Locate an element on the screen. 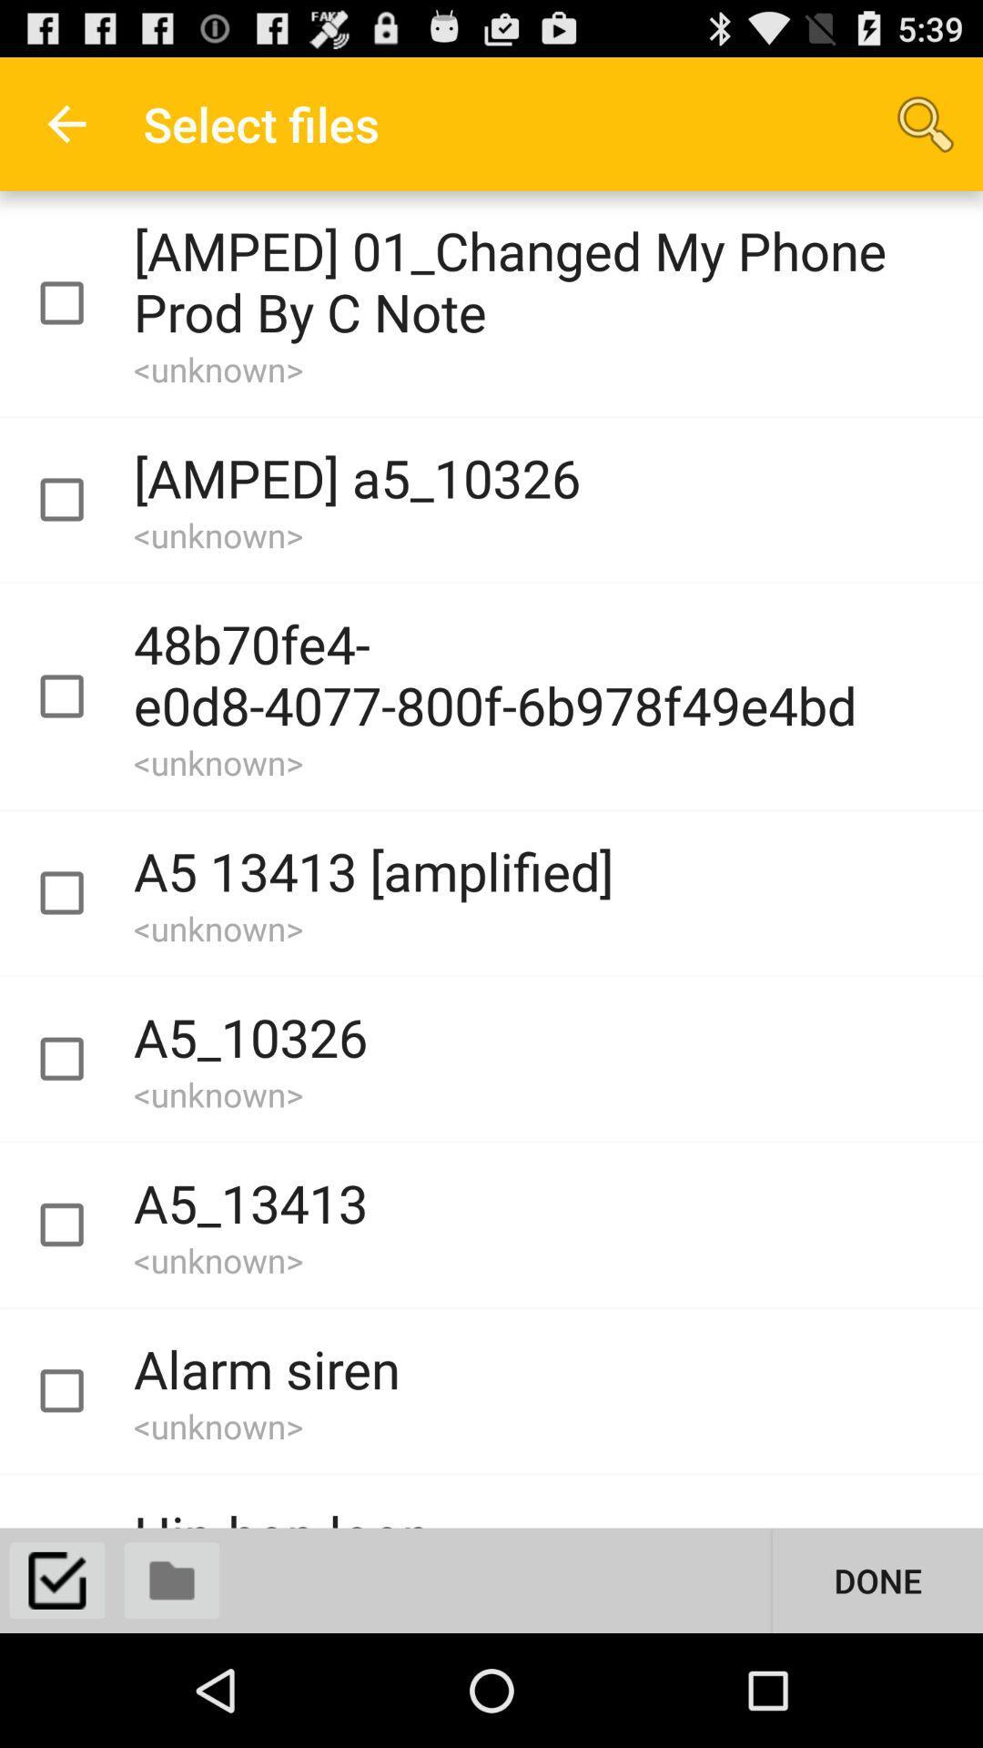  the button to the left of the done icon is located at coordinates (172, 1580).